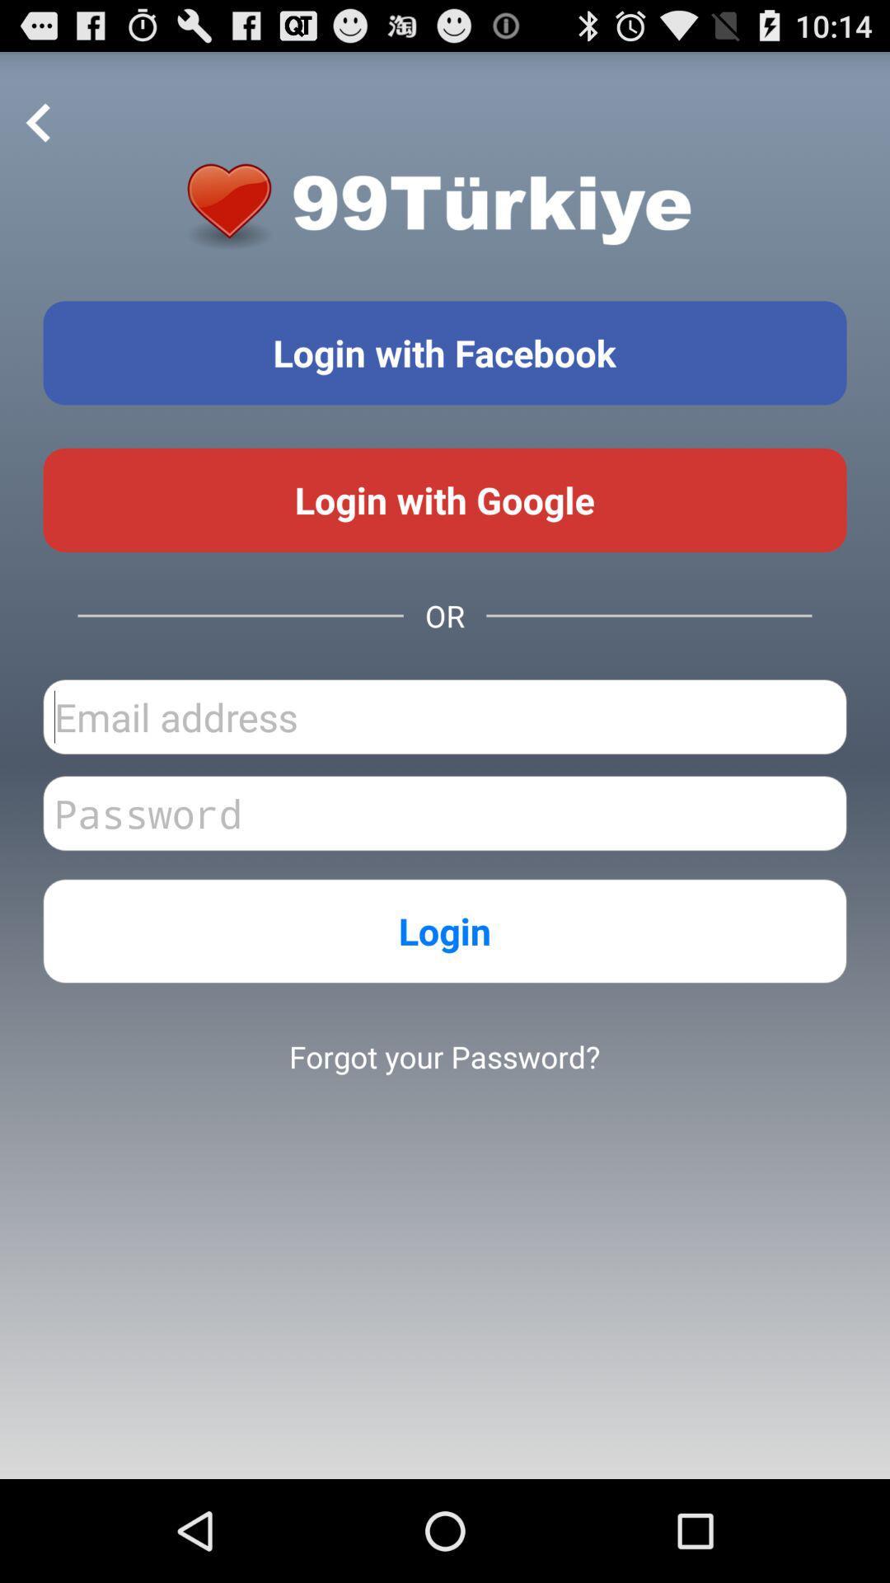  I want to click on button below the login icon, so click(443, 1056).